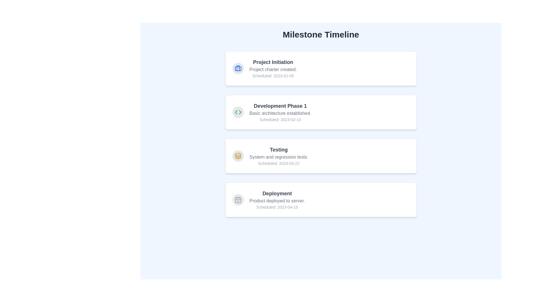 The height and width of the screenshot is (307, 547). Describe the element at coordinates (238, 69) in the screenshot. I see `the horizontal rectangle with rounded corners in the 'Project Initiation' milestone icon area, located in the uppermost milestone box of the timeline` at that location.